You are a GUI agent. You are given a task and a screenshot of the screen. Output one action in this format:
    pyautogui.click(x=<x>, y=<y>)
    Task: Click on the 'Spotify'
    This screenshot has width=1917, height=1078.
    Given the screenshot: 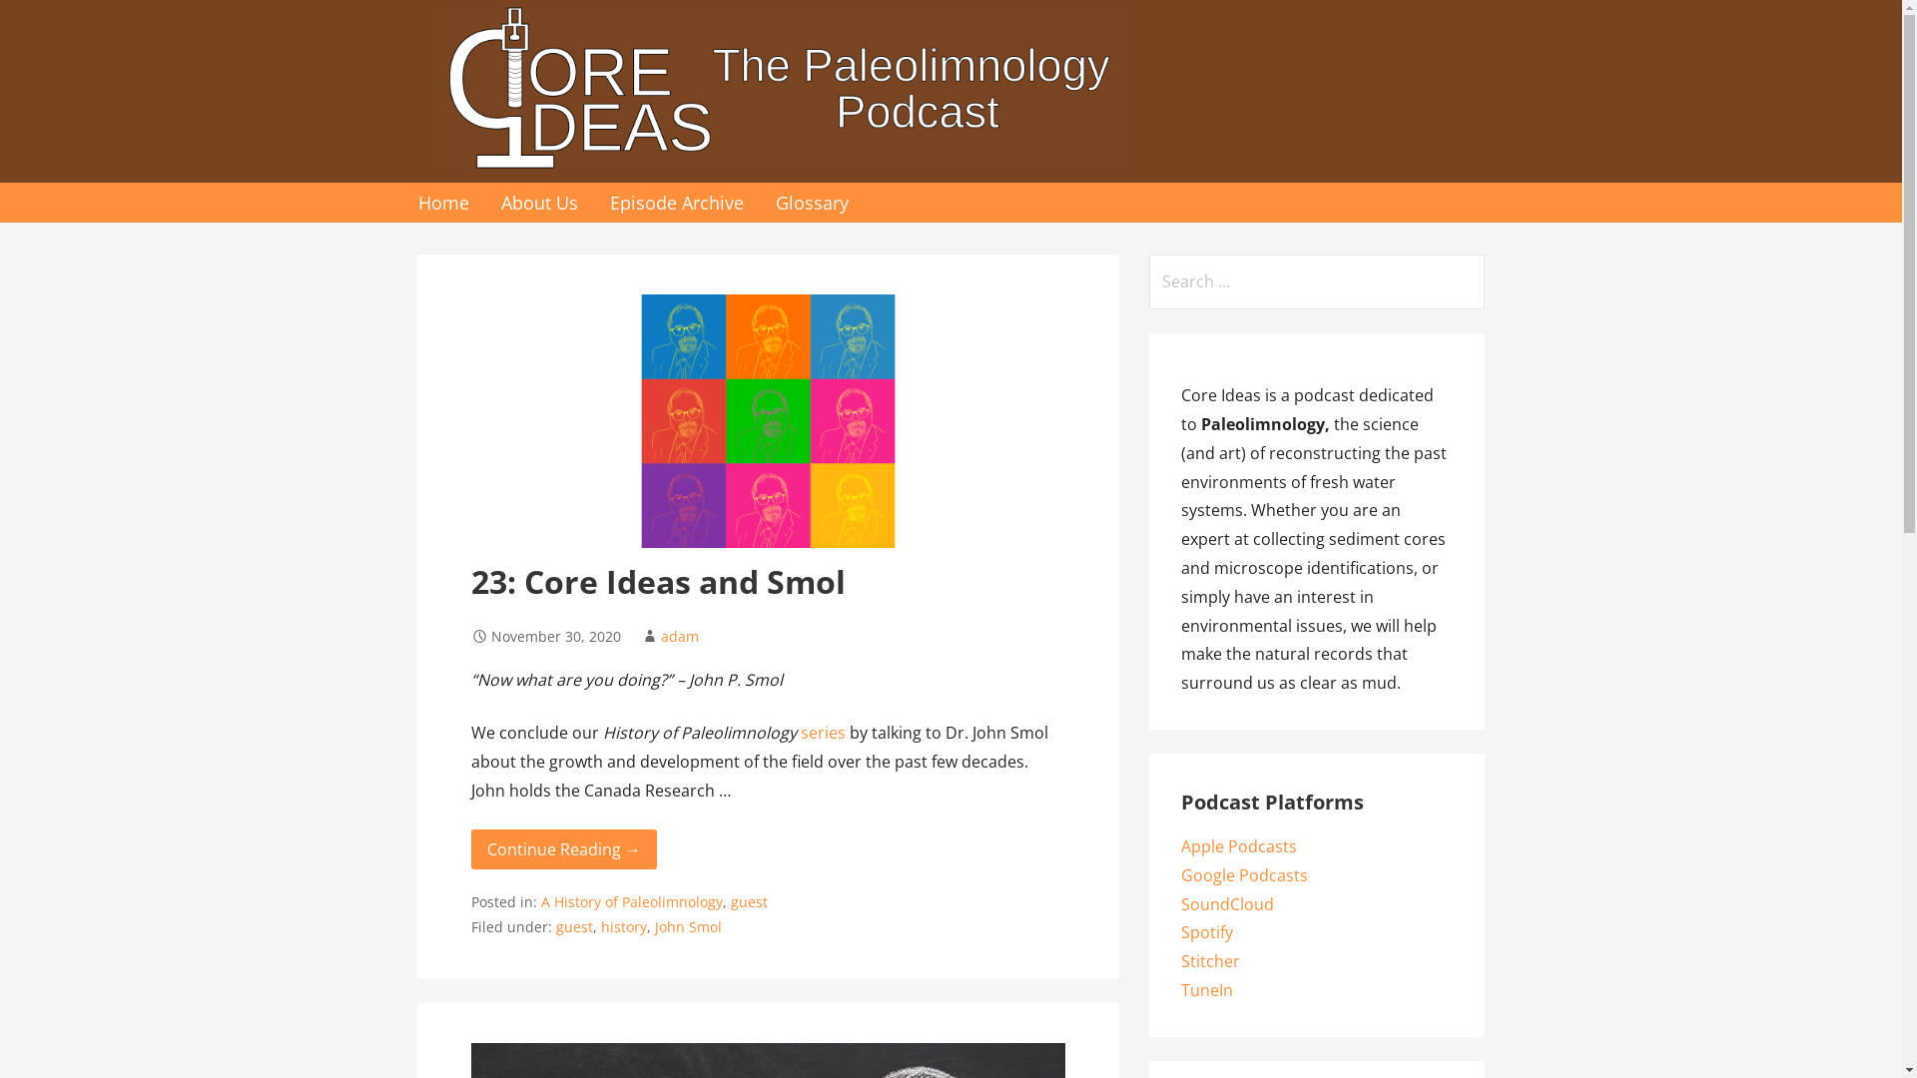 What is the action you would take?
    pyautogui.click(x=1206, y=931)
    